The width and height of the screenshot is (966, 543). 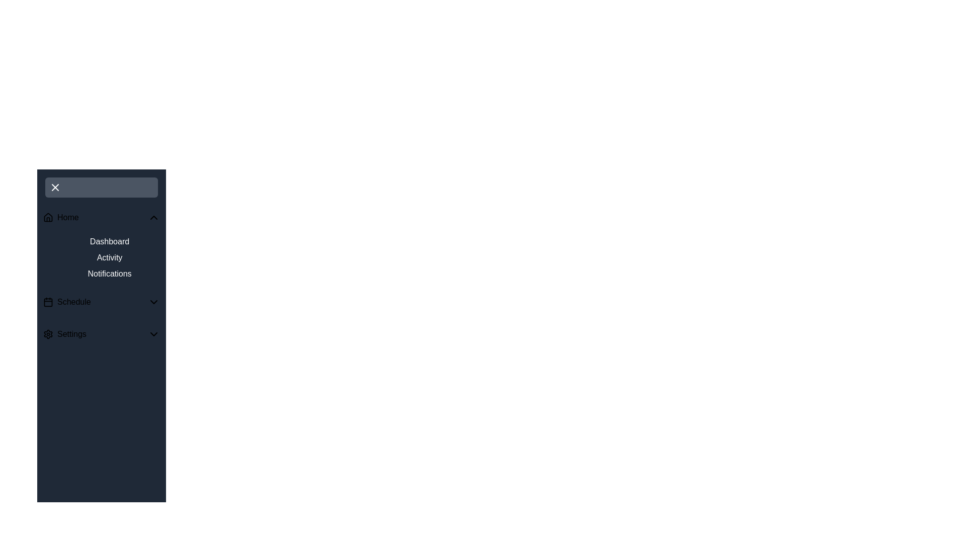 What do you see at coordinates (101, 217) in the screenshot?
I see `the 'Home' menu item located at the top left of the sidebar` at bounding box center [101, 217].